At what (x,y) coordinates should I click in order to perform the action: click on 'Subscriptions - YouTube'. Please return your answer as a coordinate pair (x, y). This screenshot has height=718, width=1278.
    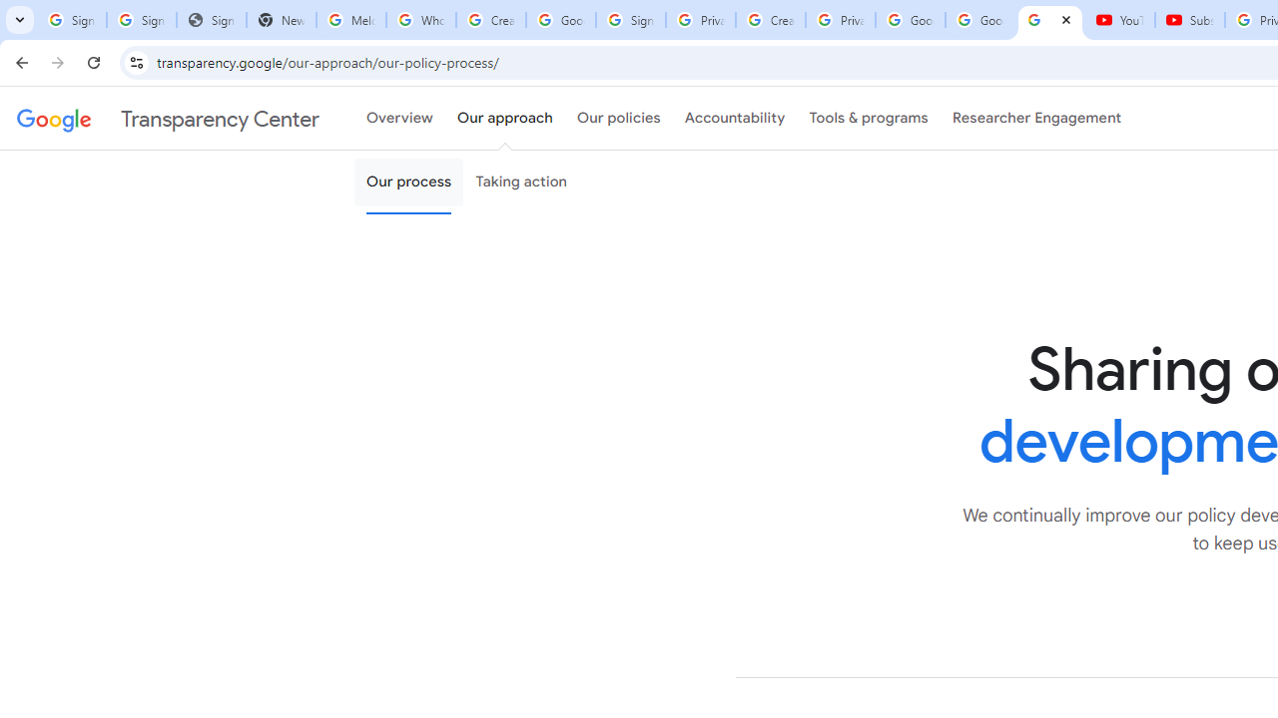
    Looking at the image, I should click on (1190, 20).